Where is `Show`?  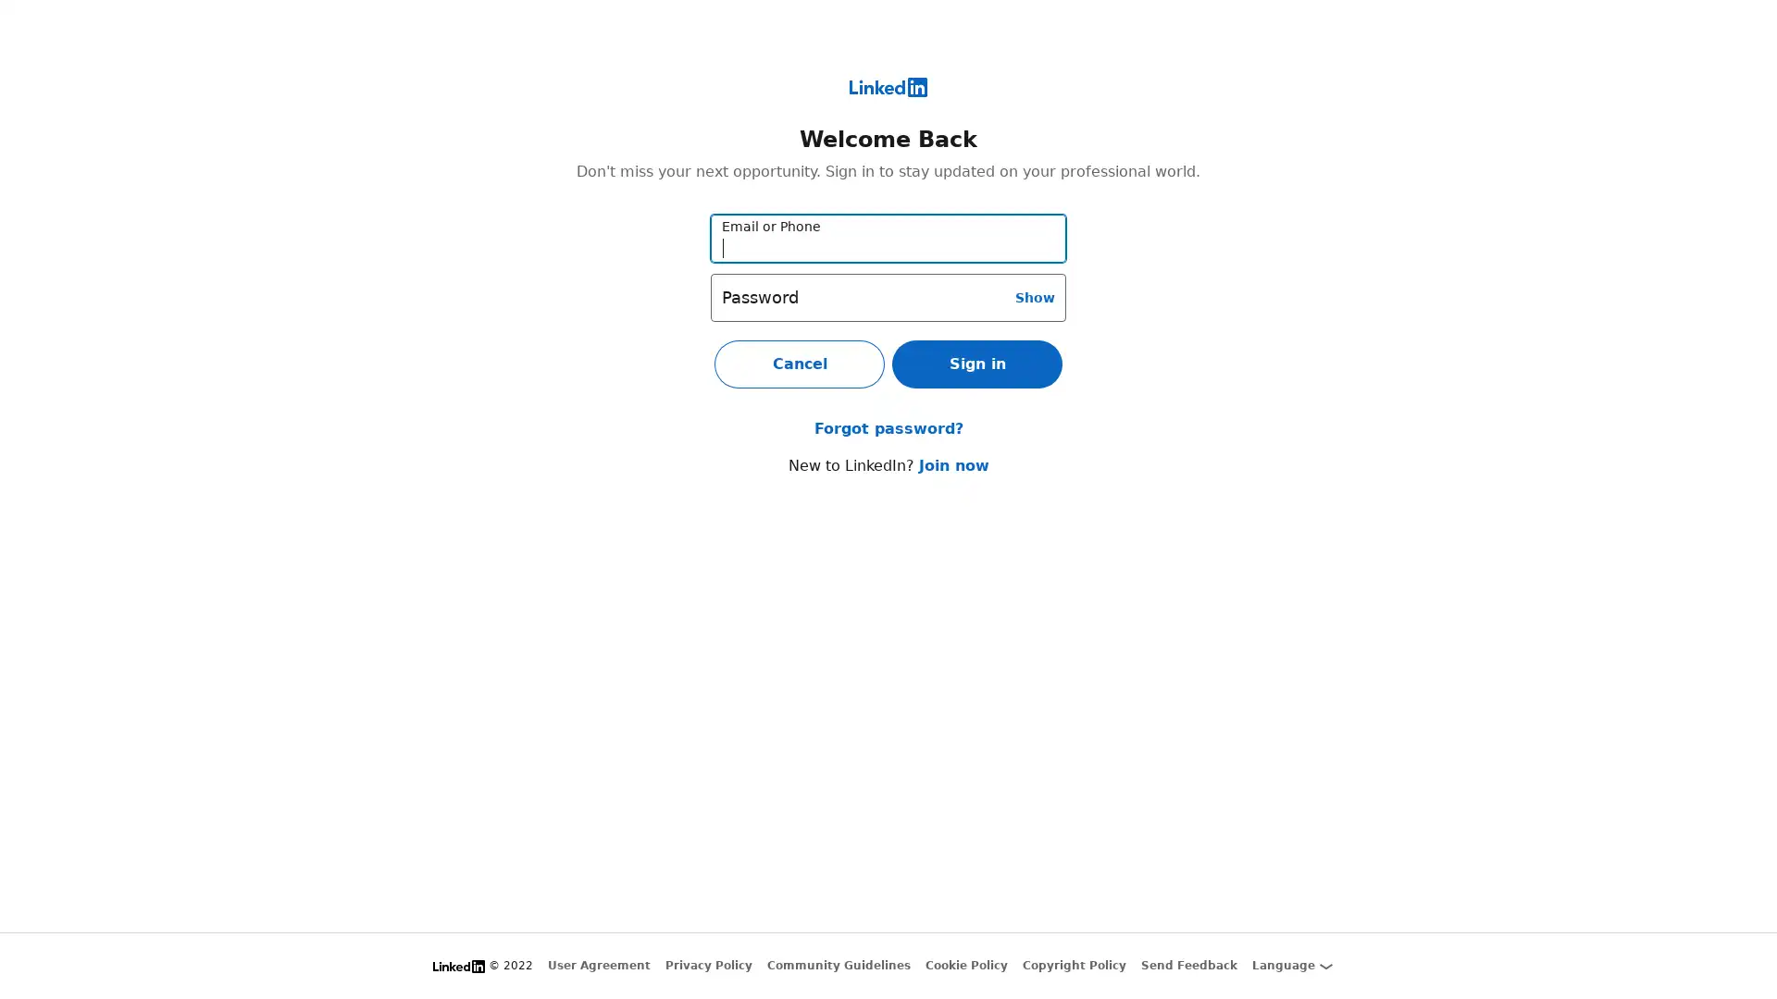 Show is located at coordinates (1034, 295).